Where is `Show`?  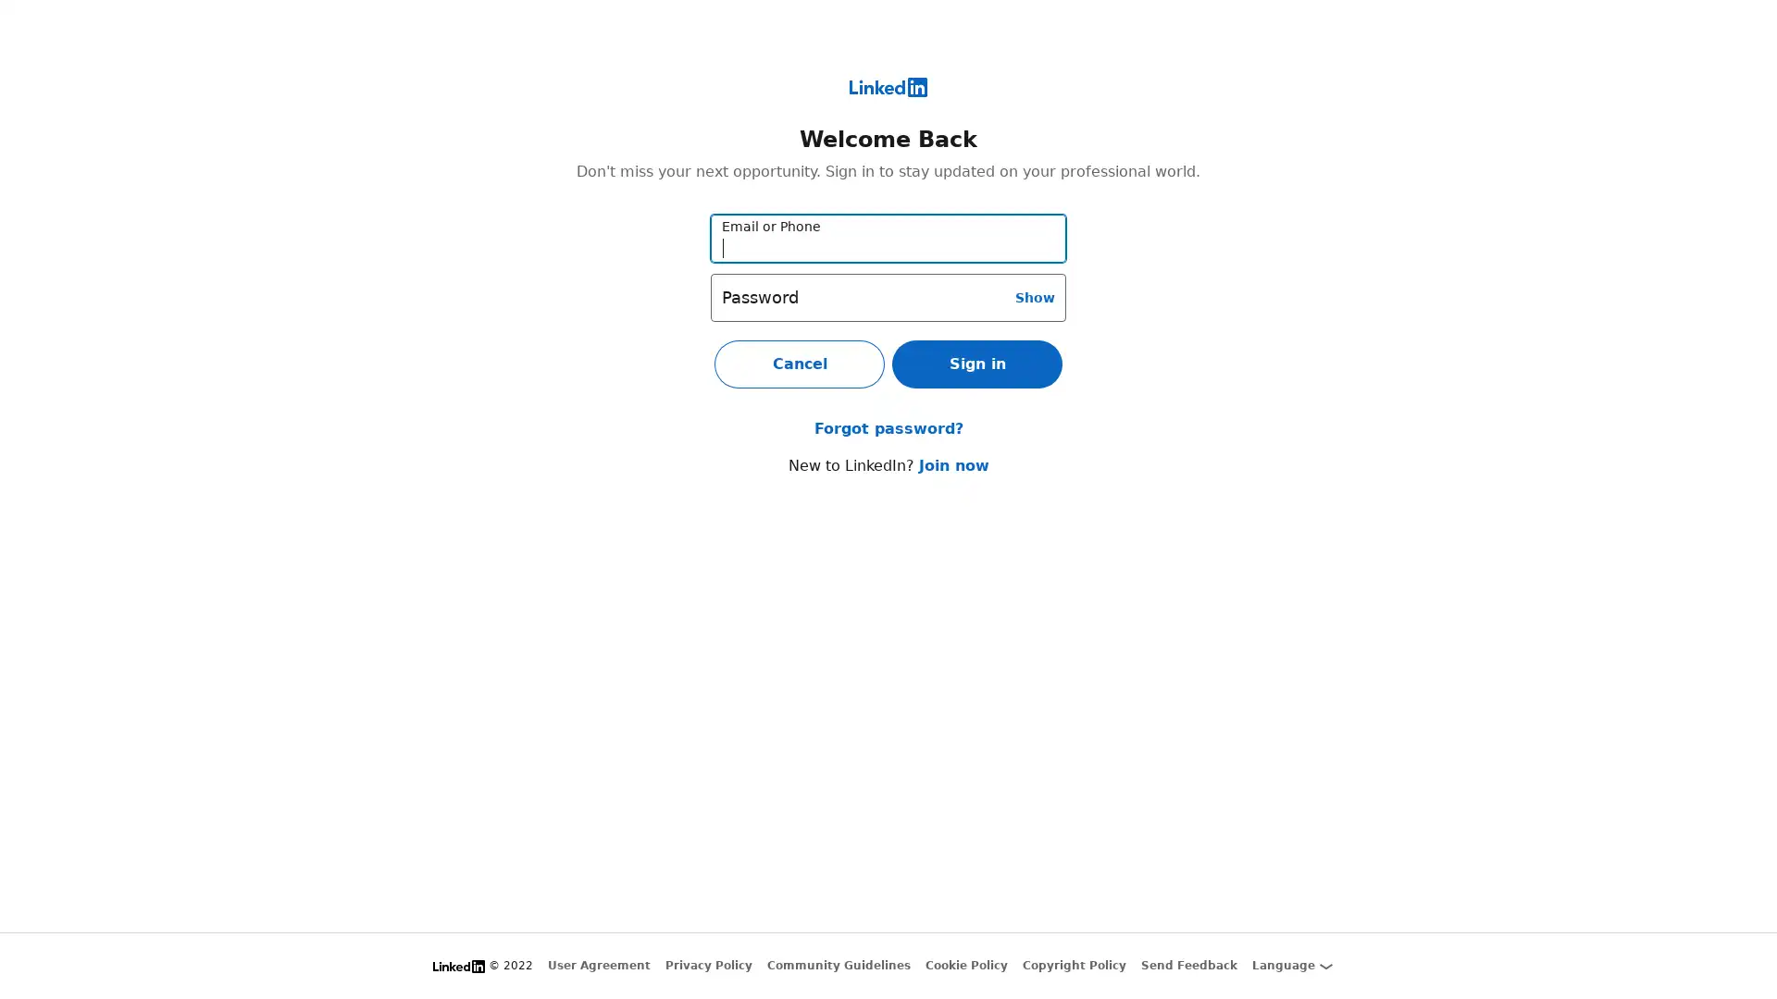 Show is located at coordinates (1034, 295).